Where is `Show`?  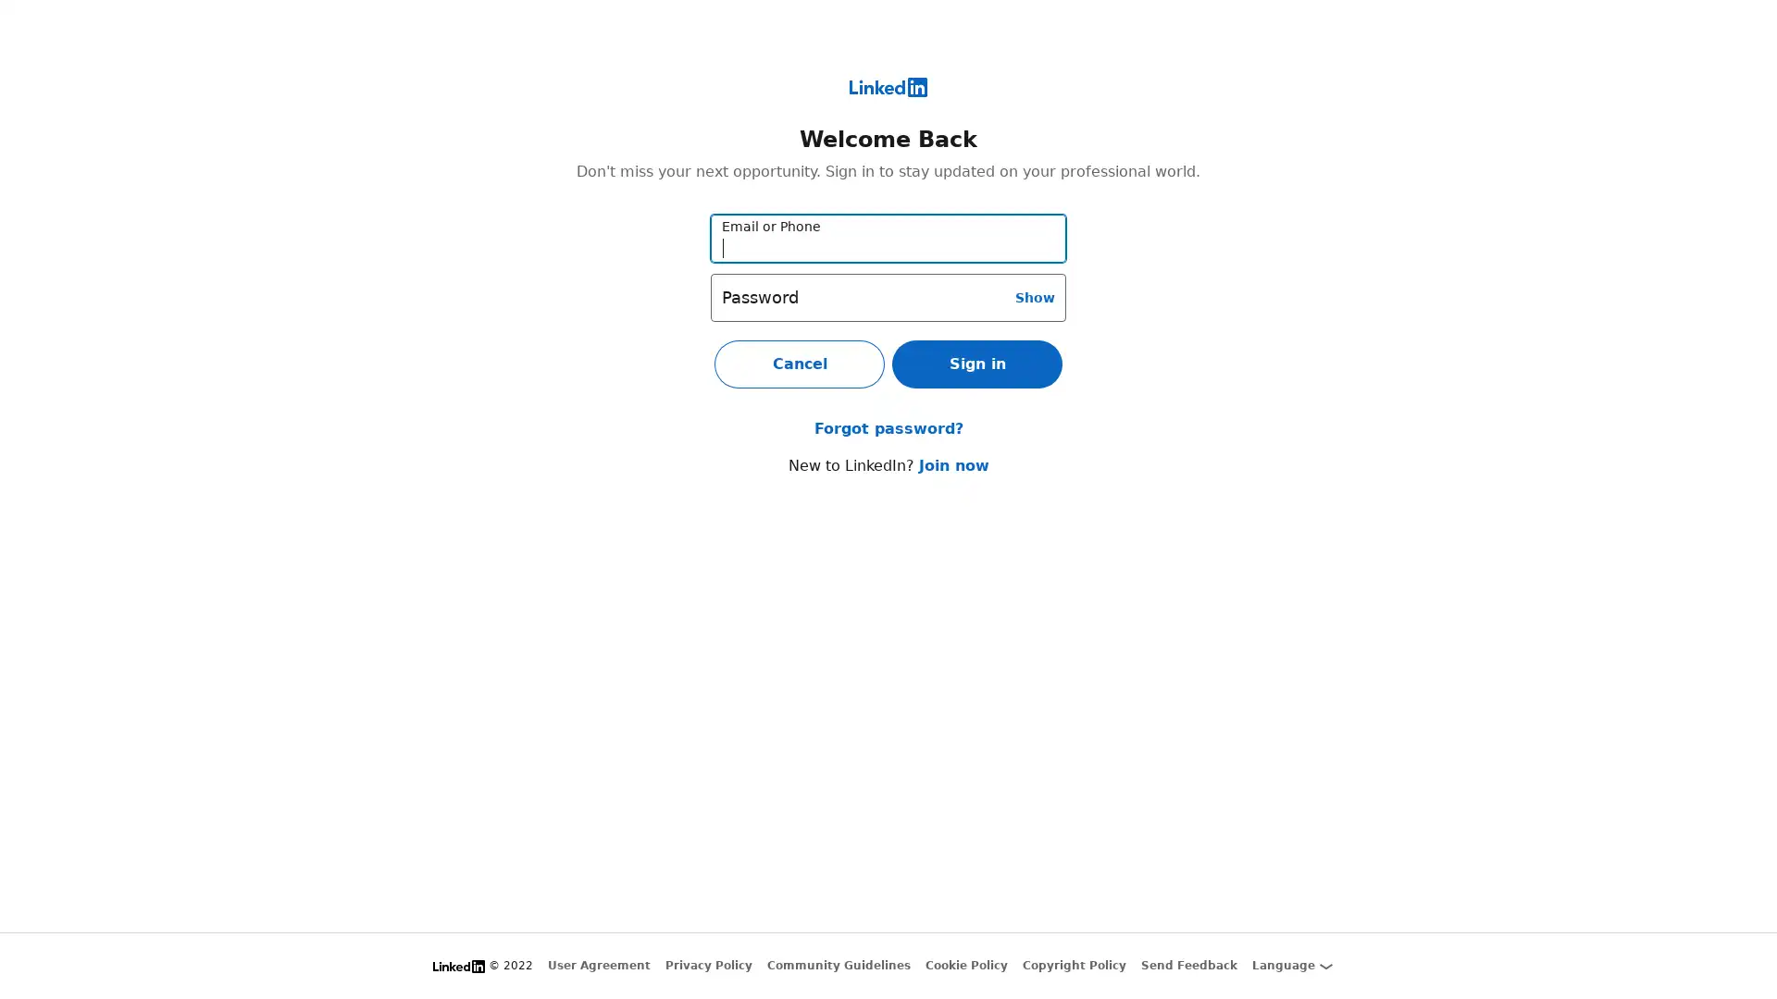 Show is located at coordinates (1034, 295).